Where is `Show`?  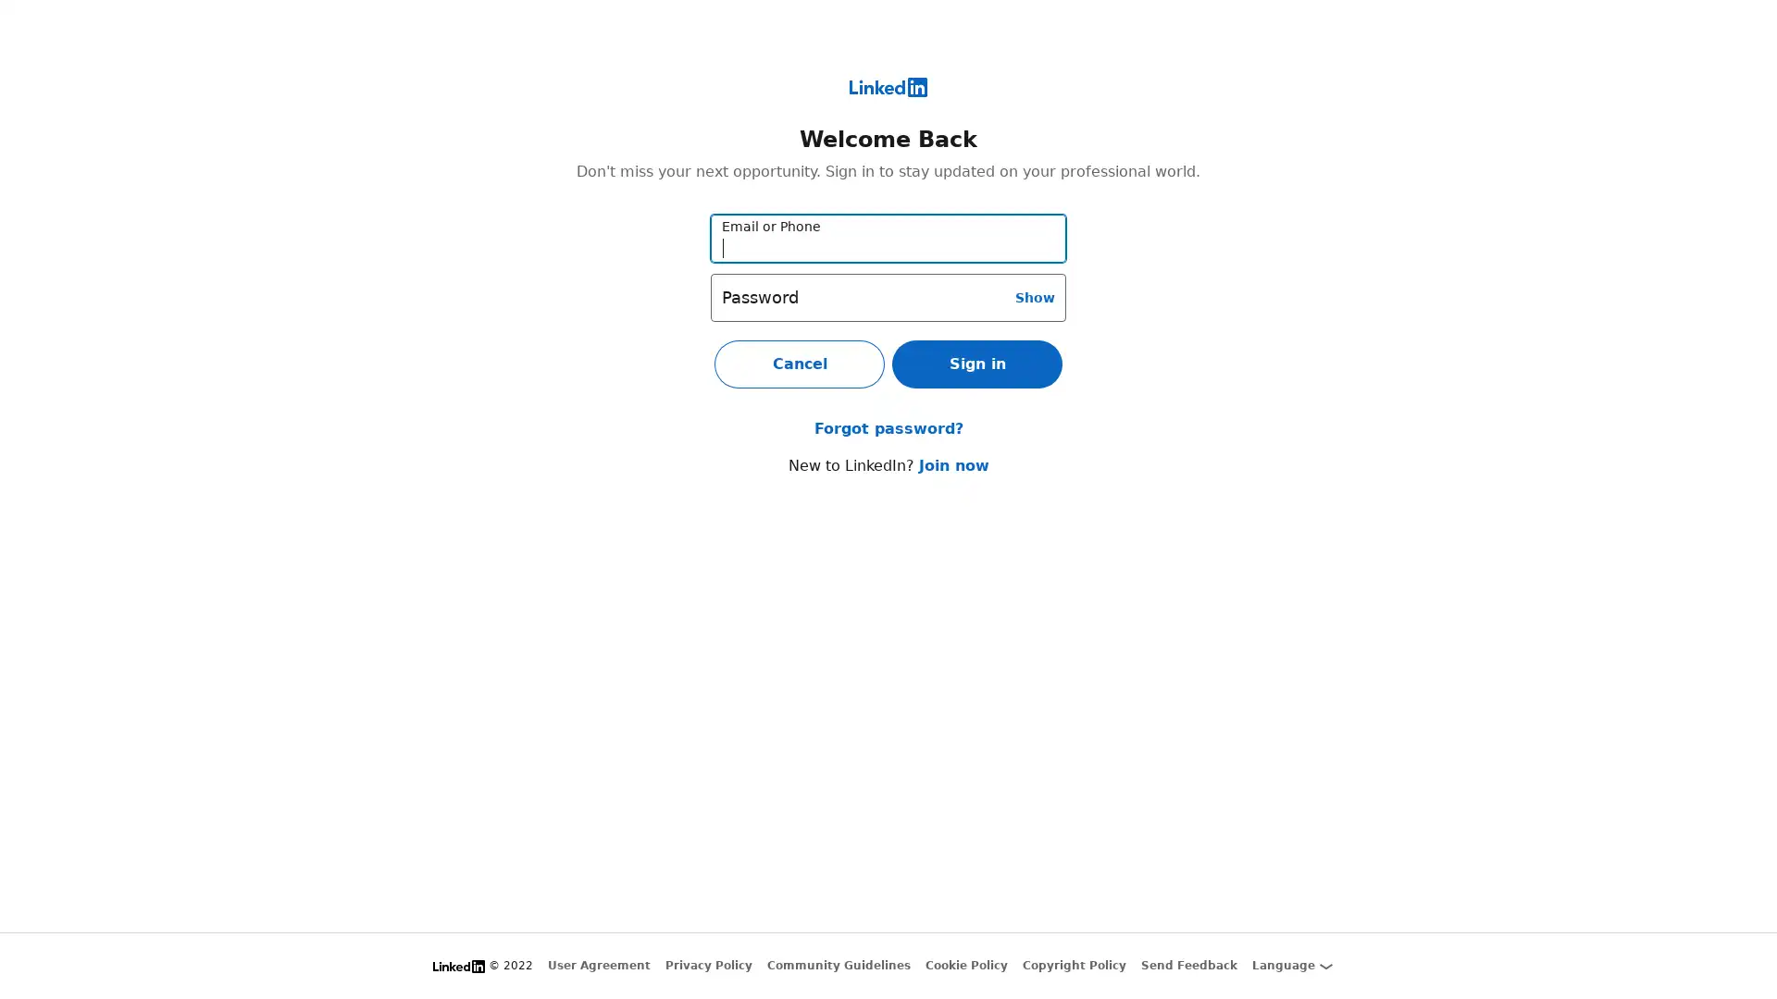 Show is located at coordinates (1034, 295).